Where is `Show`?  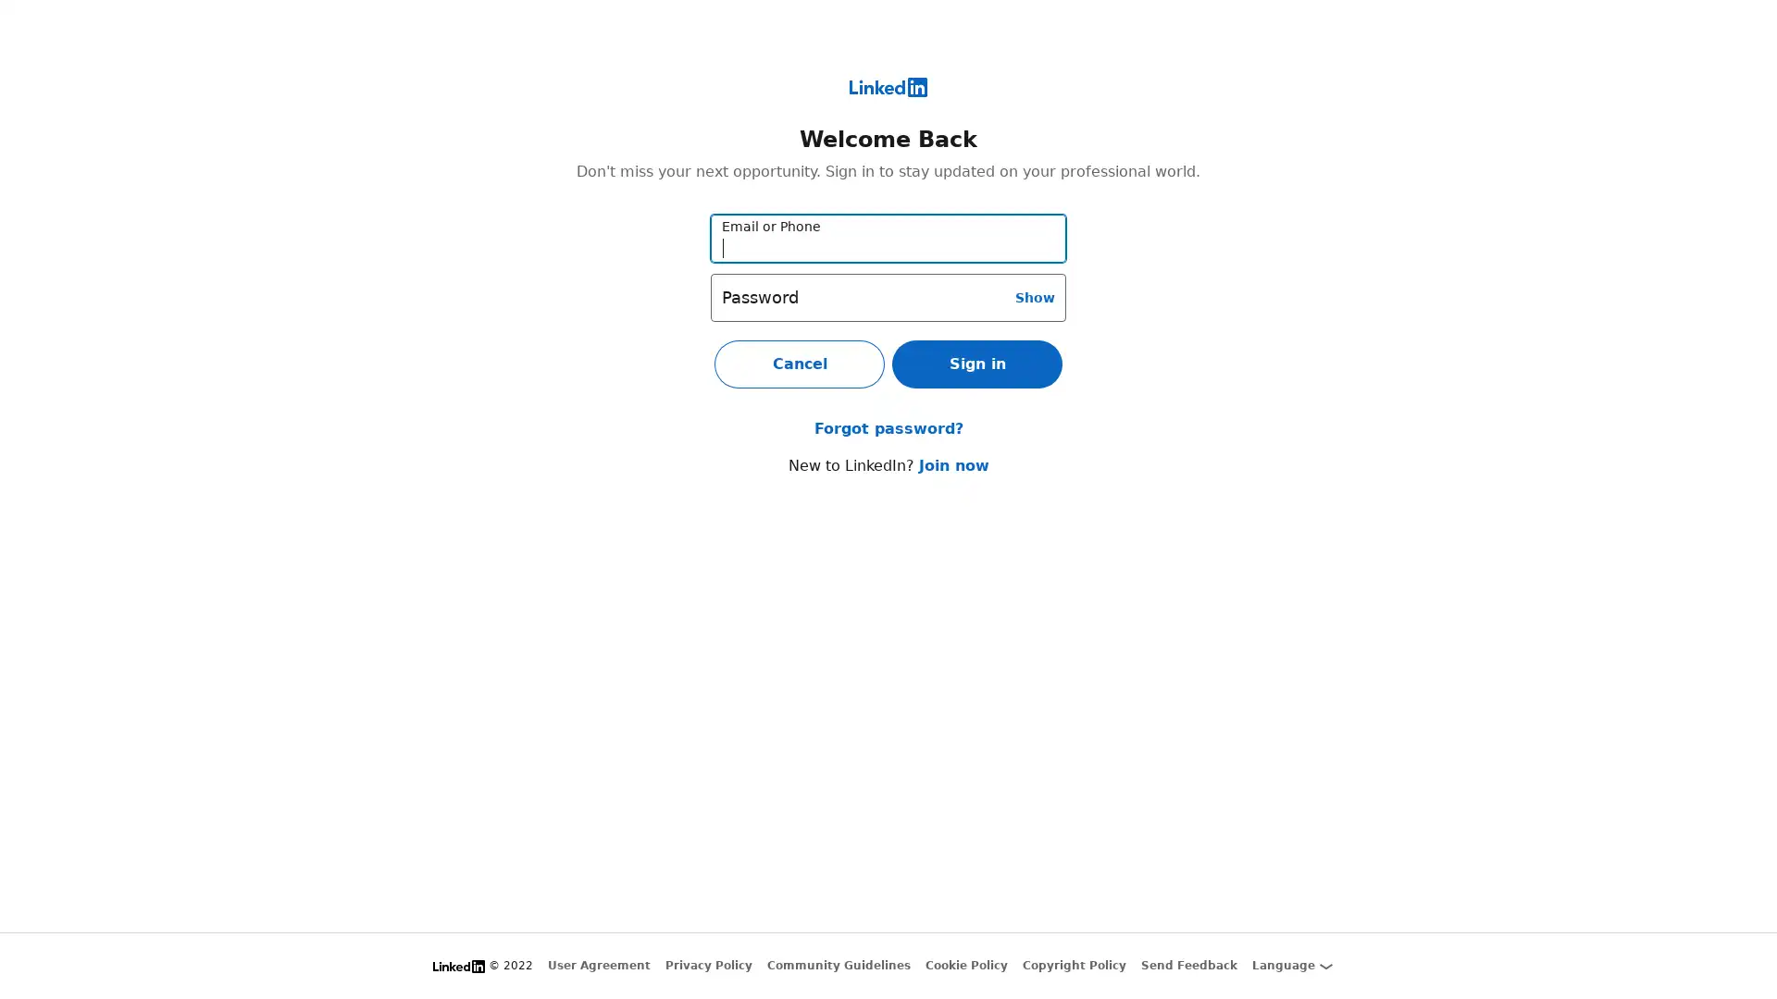 Show is located at coordinates (1034, 295).